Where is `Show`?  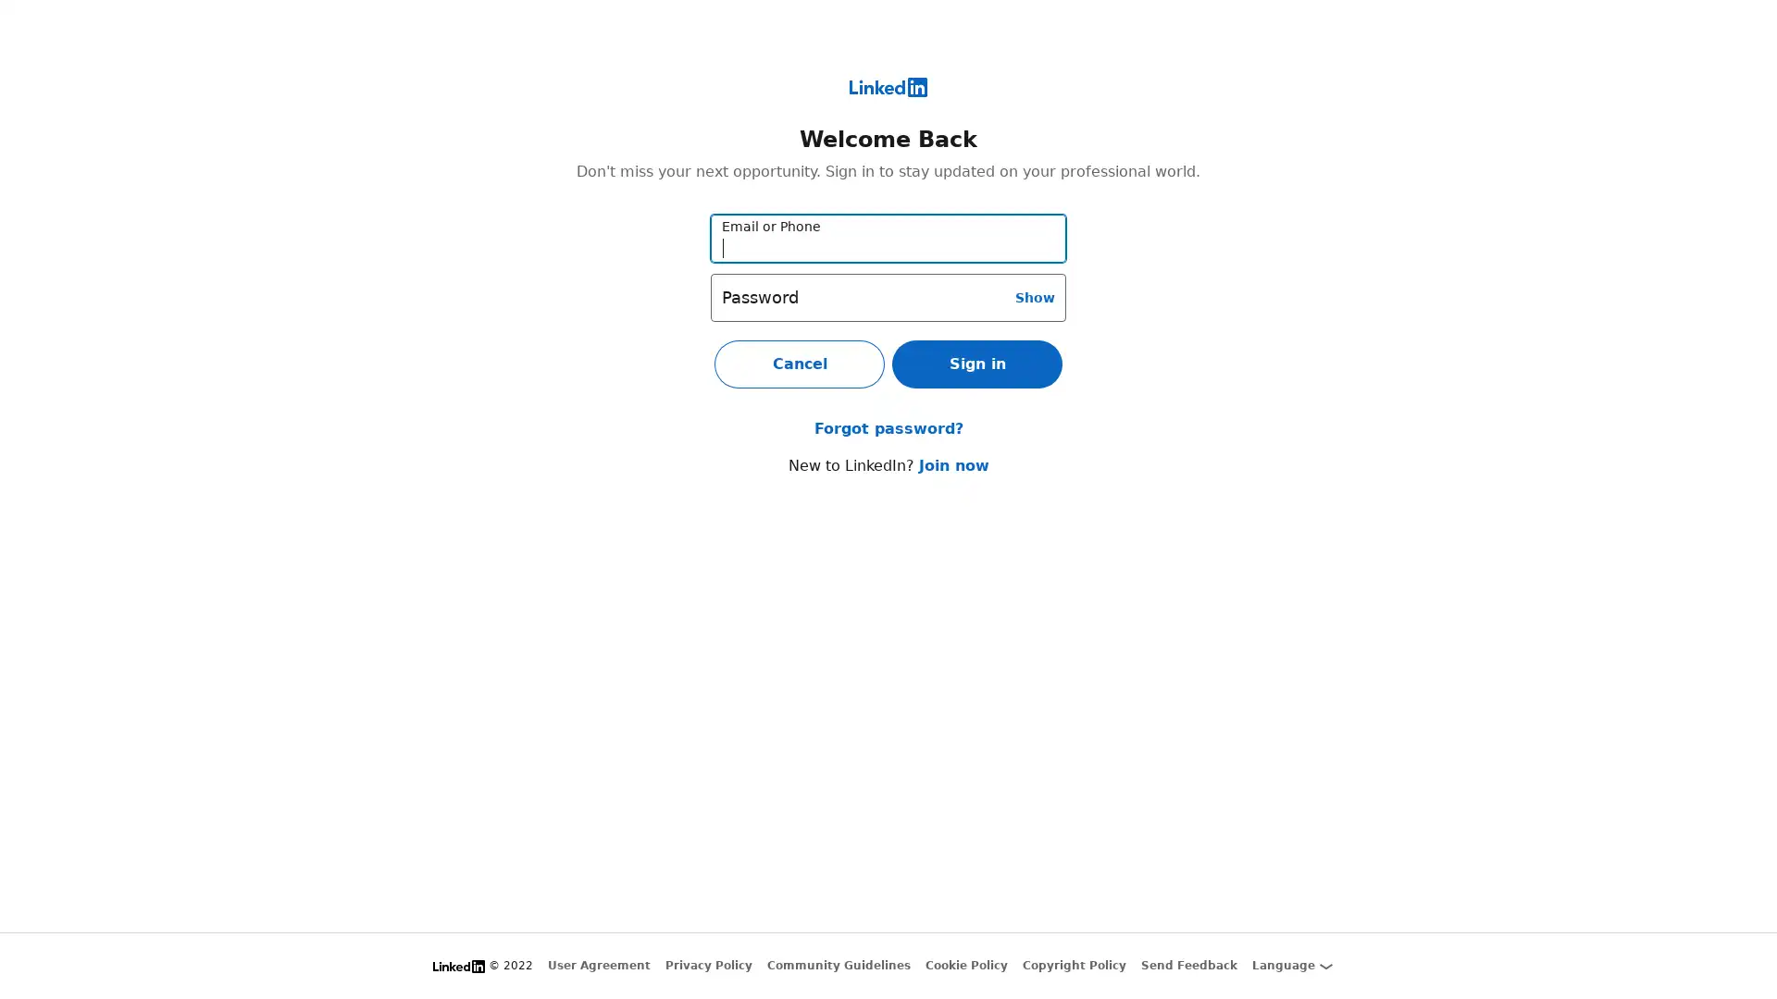 Show is located at coordinates (1034, 295).